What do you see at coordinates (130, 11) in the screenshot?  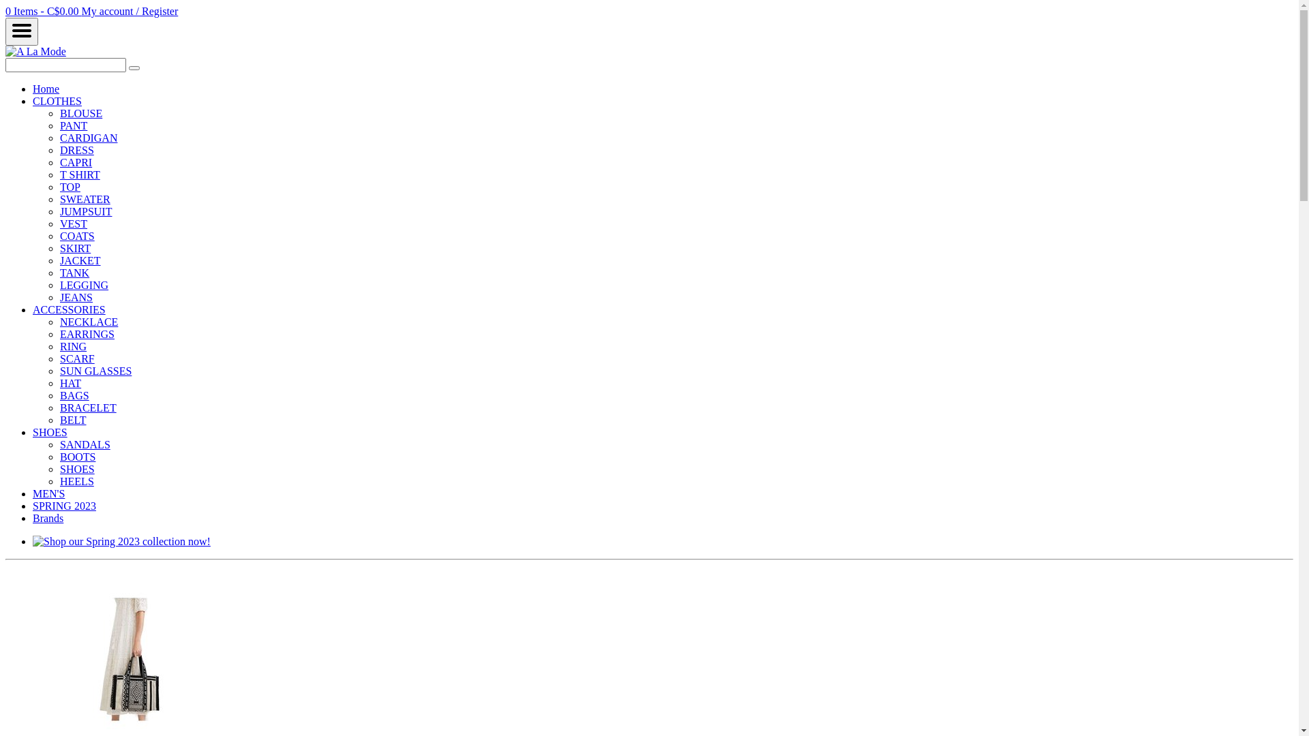 I see `'My account / Register'` at bounding box center [130, 11].